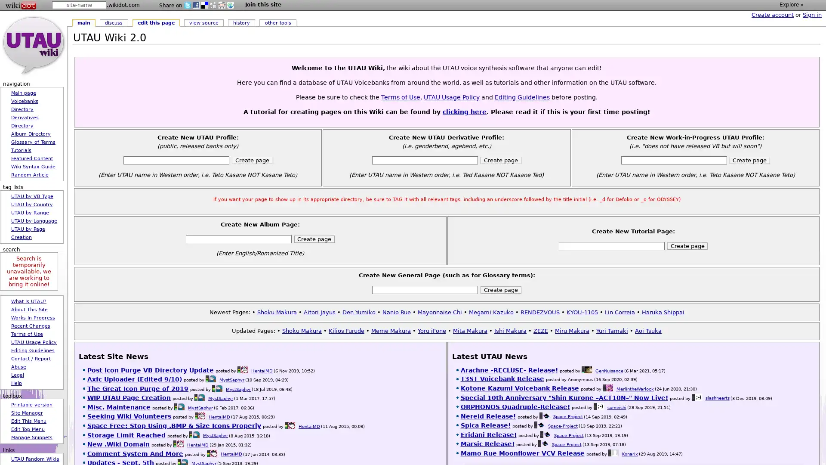 This screenshot has width=826, height=465. Describe the element at coordinates (500, 160) in the screenshot. I see `Create page` at that location.